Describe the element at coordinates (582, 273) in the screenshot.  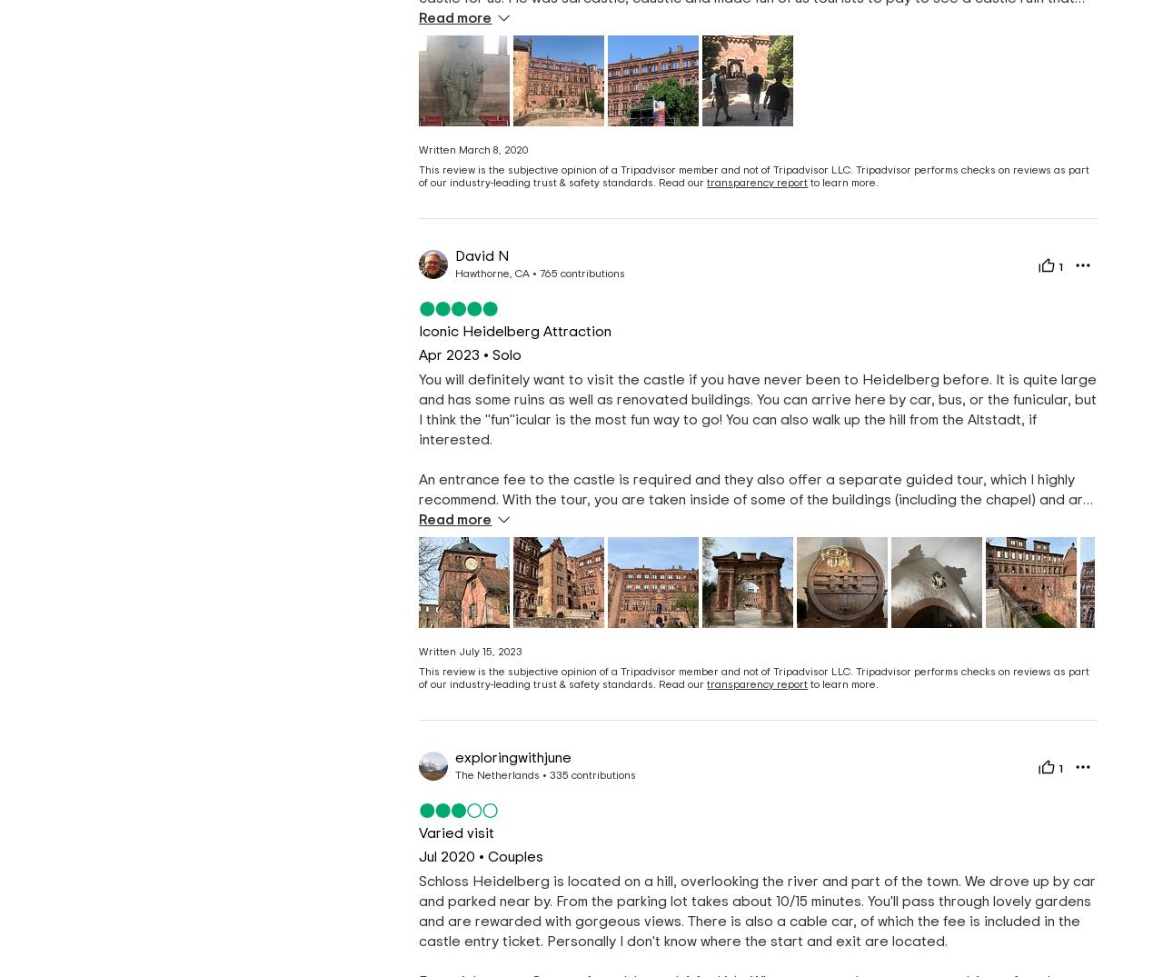
I see `'765 contributions'` at that location.